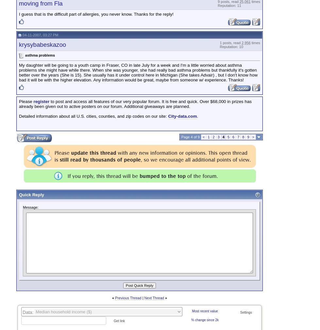 This screenshot has height=330, width=320. Describe the element at coordinates (154, 298) in the screenshot. I see `'Next Thread'` at that location.